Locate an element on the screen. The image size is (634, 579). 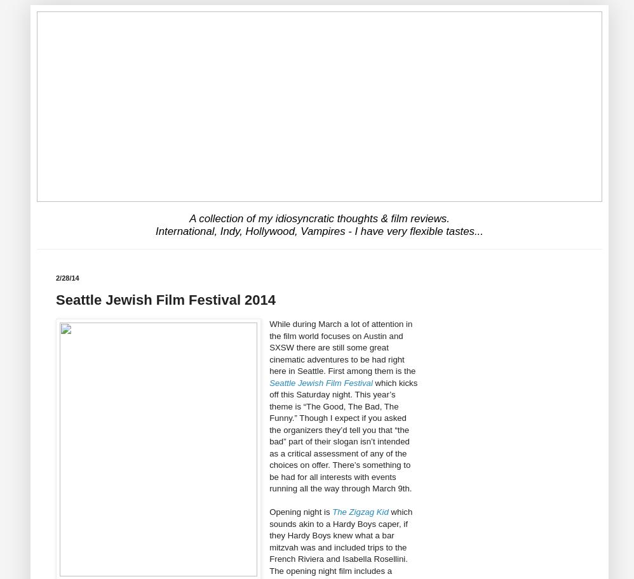
'International, Indy, Hollywood, Vampires - I have' is located at coordinates (271, 230).